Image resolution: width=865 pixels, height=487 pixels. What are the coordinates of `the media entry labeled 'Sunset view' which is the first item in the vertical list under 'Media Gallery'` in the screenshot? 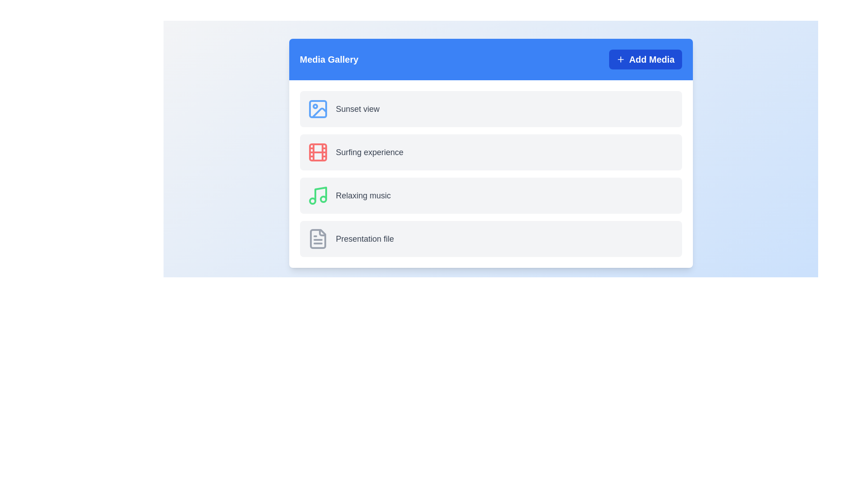 It's located at (490, 109).